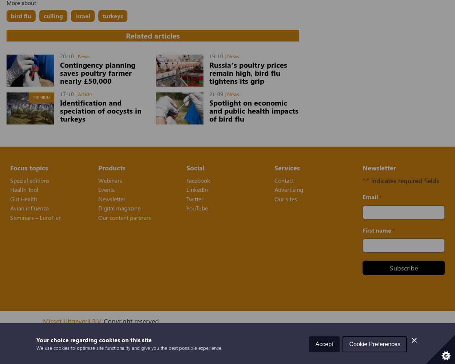 This screenshot has height=364, width=455. What do you see at coordinates (289, 189) in the screenshot?
I see `'Advertising'` at bounding box center [289, 189].